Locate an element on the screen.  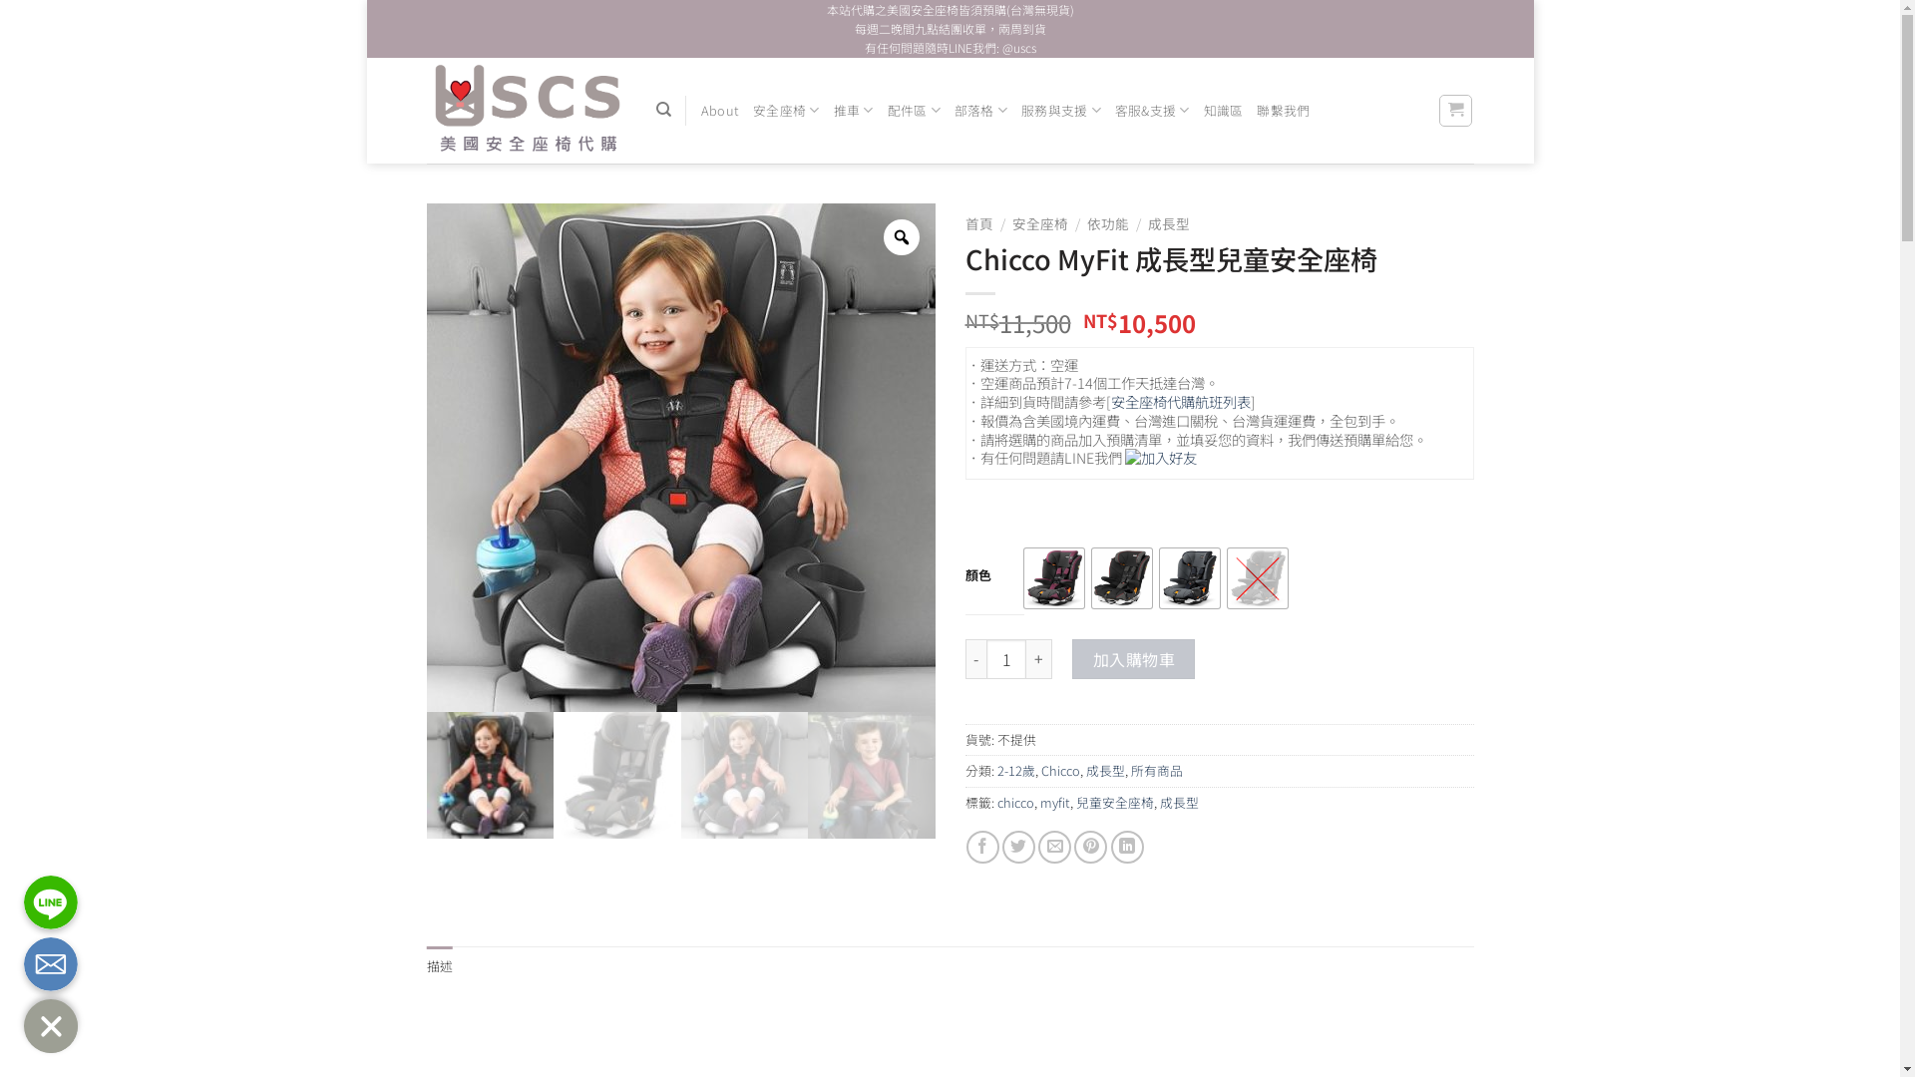
'chicco-myfit-harness-booster-car-seat-canyon-69' is located at coordinates (616, 775).